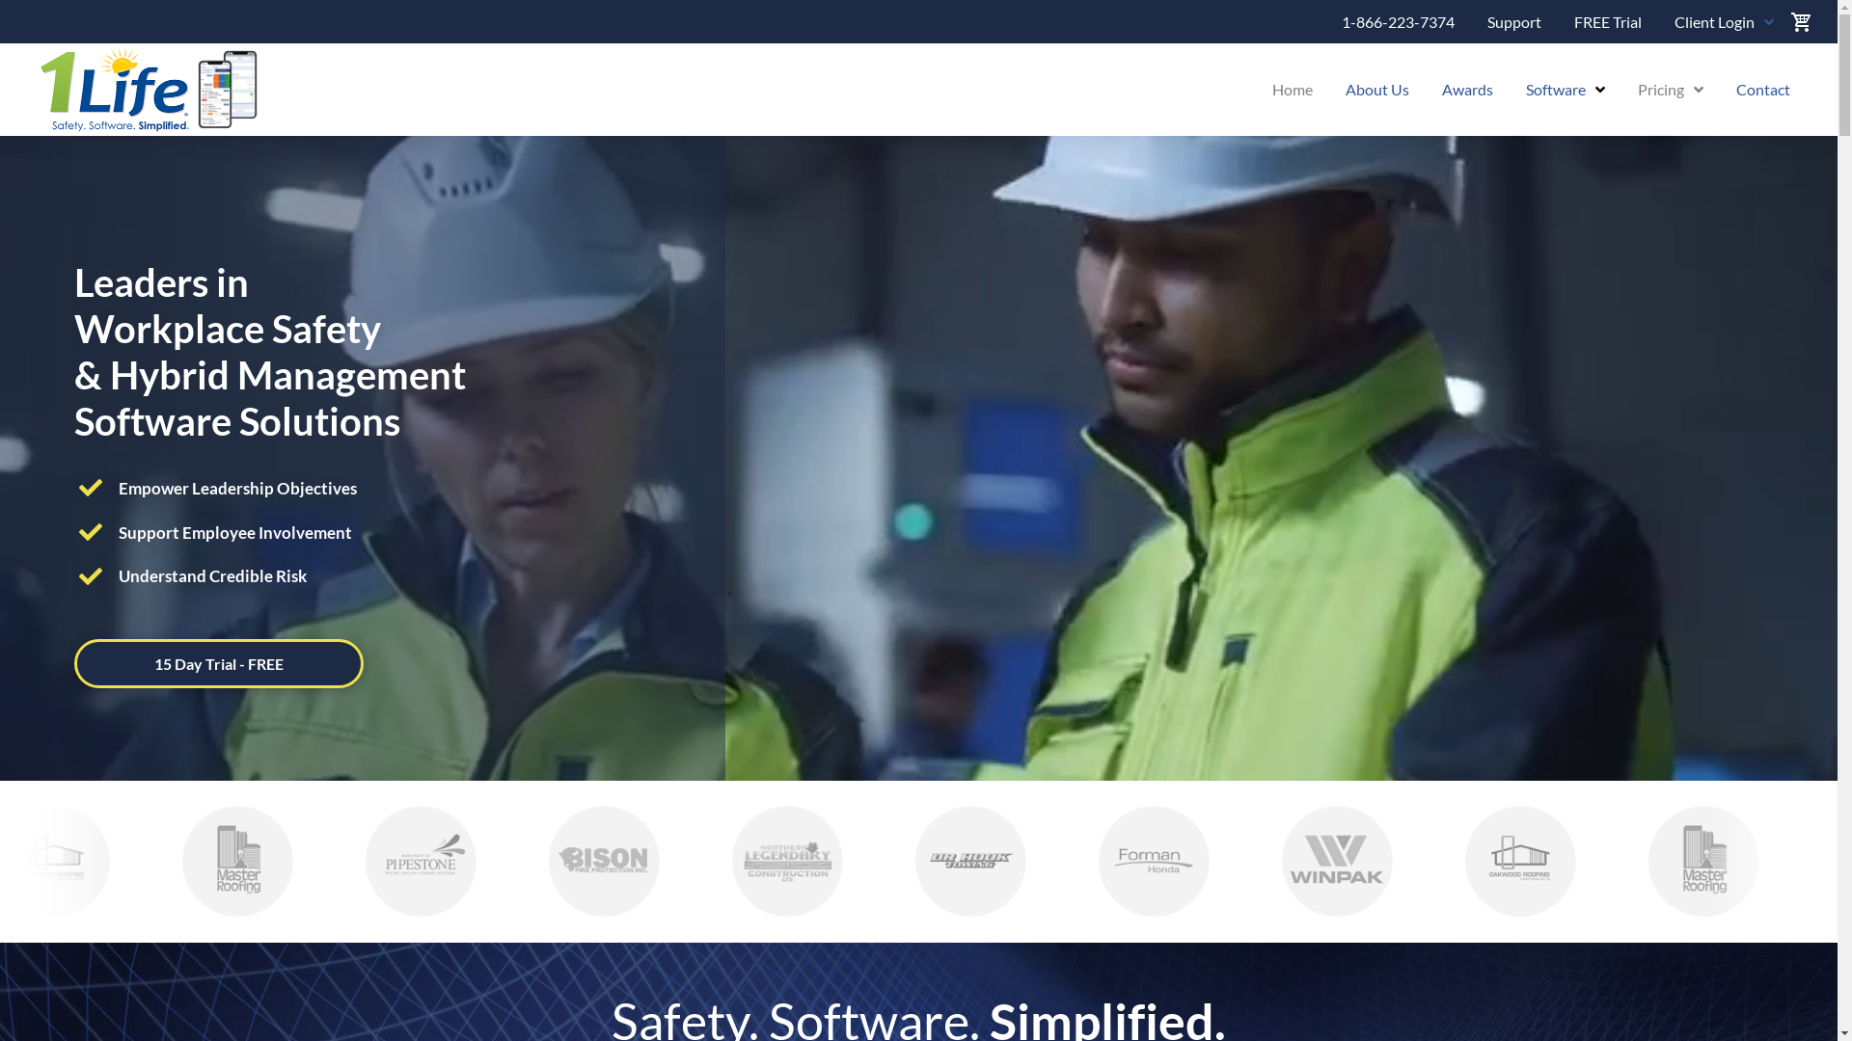 Image resolution: width=1852 pixels, height=1041 pixels. Describe the element at coordinates (1763, 89) in the screenshot. I see `'Contact'` at that location.